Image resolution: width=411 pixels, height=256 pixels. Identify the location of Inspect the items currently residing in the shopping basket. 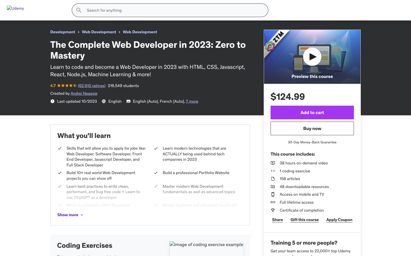
(368, 33).